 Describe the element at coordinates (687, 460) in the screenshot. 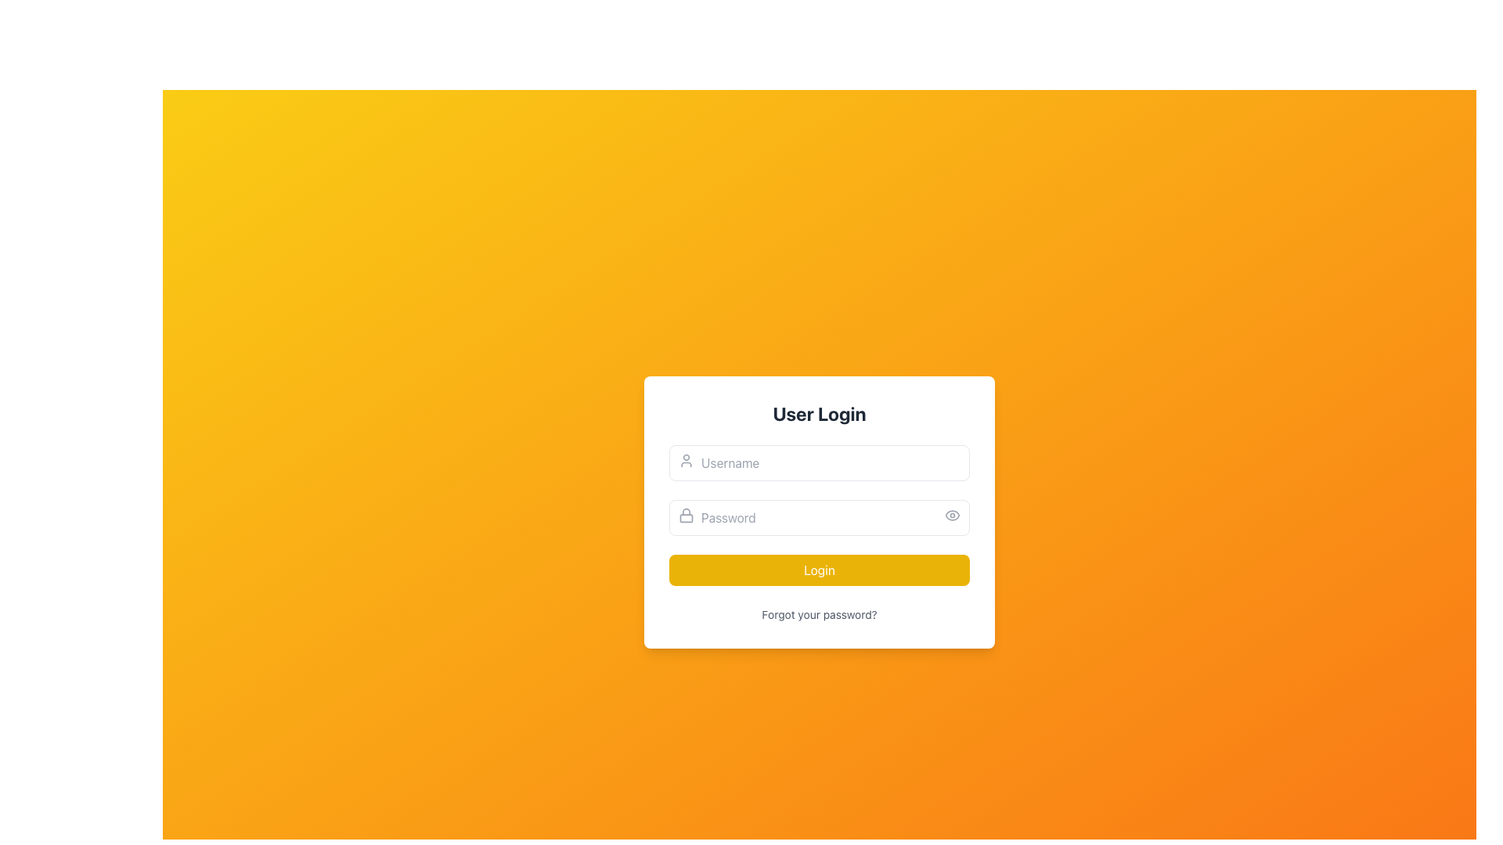

I see `the user silhouette icon located at the left side of the 'Username' text input field` at that location.